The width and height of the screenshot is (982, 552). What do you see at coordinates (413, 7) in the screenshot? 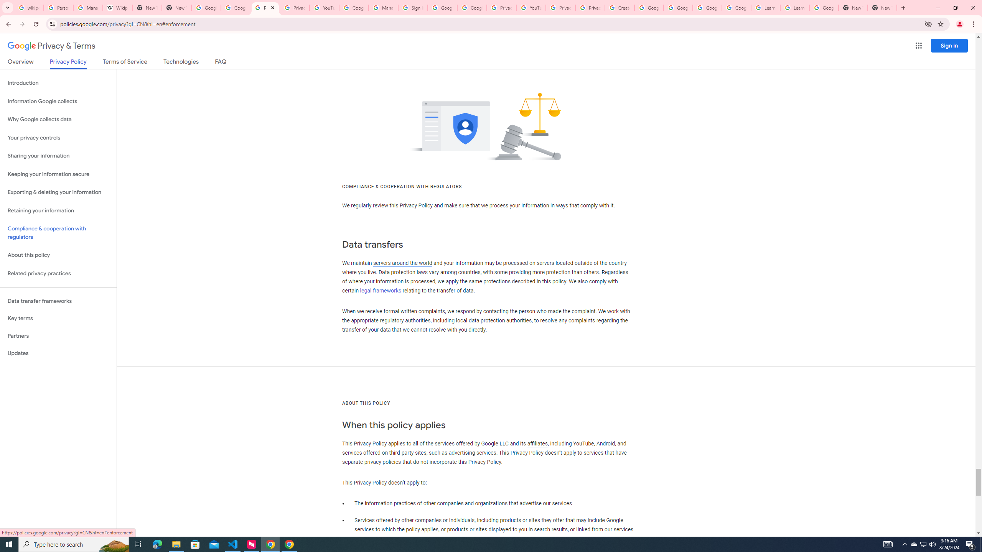
I see `'Sign in - Google Accounts'` at bounding box center [413, 7].